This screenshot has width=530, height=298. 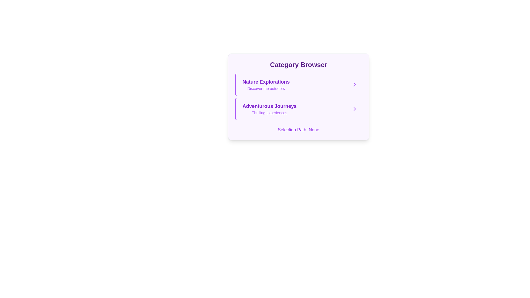 I want to click on the right-pointing navigation arrow icon, which is a small triangular-shaped graphical component with a purple stroke, so click(x=354, y=109).